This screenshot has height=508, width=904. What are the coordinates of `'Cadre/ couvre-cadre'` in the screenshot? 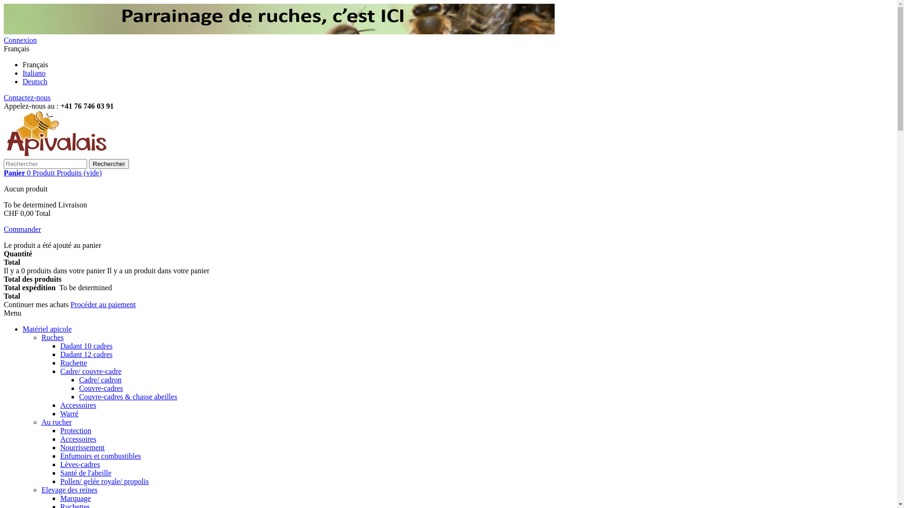 It's located at (60, 371).